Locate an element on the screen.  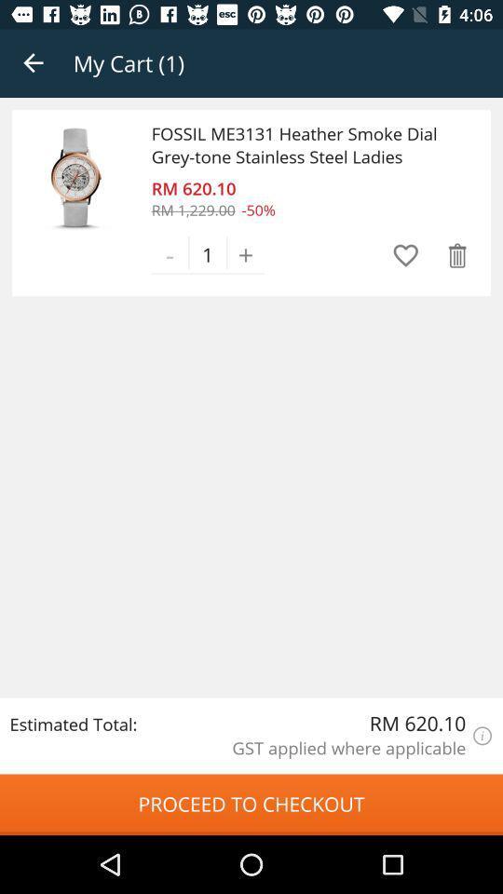
app below my cart (1) is located at coordinates (305, 144).